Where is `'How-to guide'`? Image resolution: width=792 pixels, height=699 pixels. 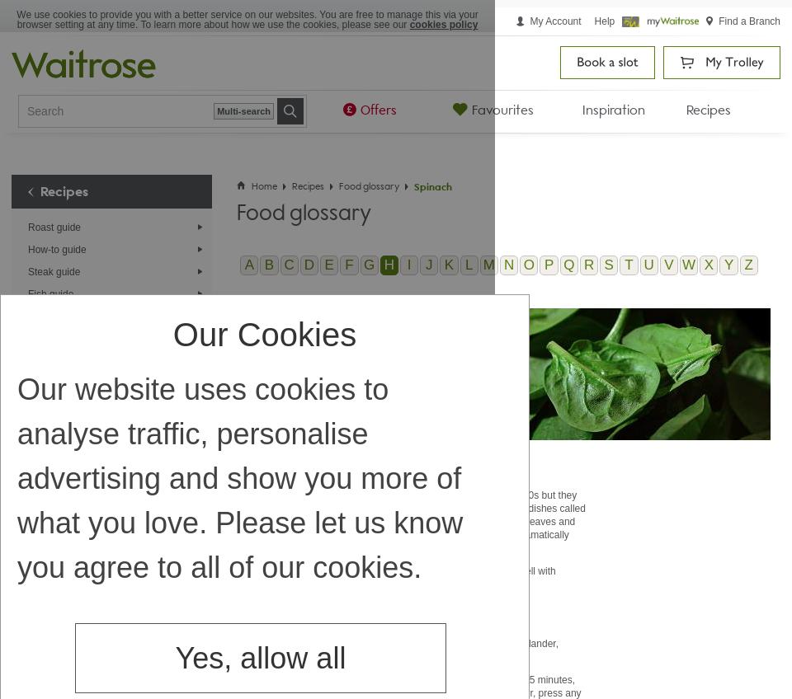
'How-to guide' is located at coordinates (57, 249).